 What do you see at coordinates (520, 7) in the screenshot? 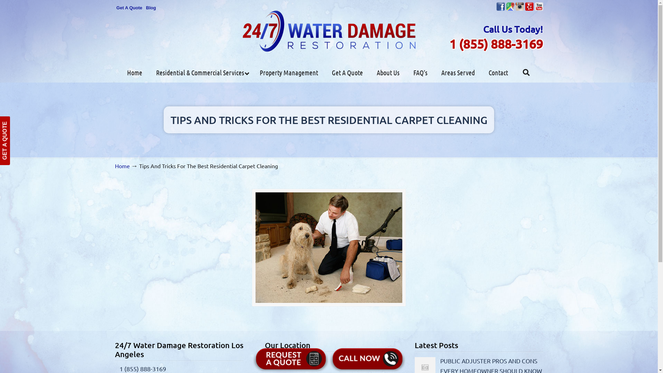
I see `'Instagram'` at bounding box center [520, 7].